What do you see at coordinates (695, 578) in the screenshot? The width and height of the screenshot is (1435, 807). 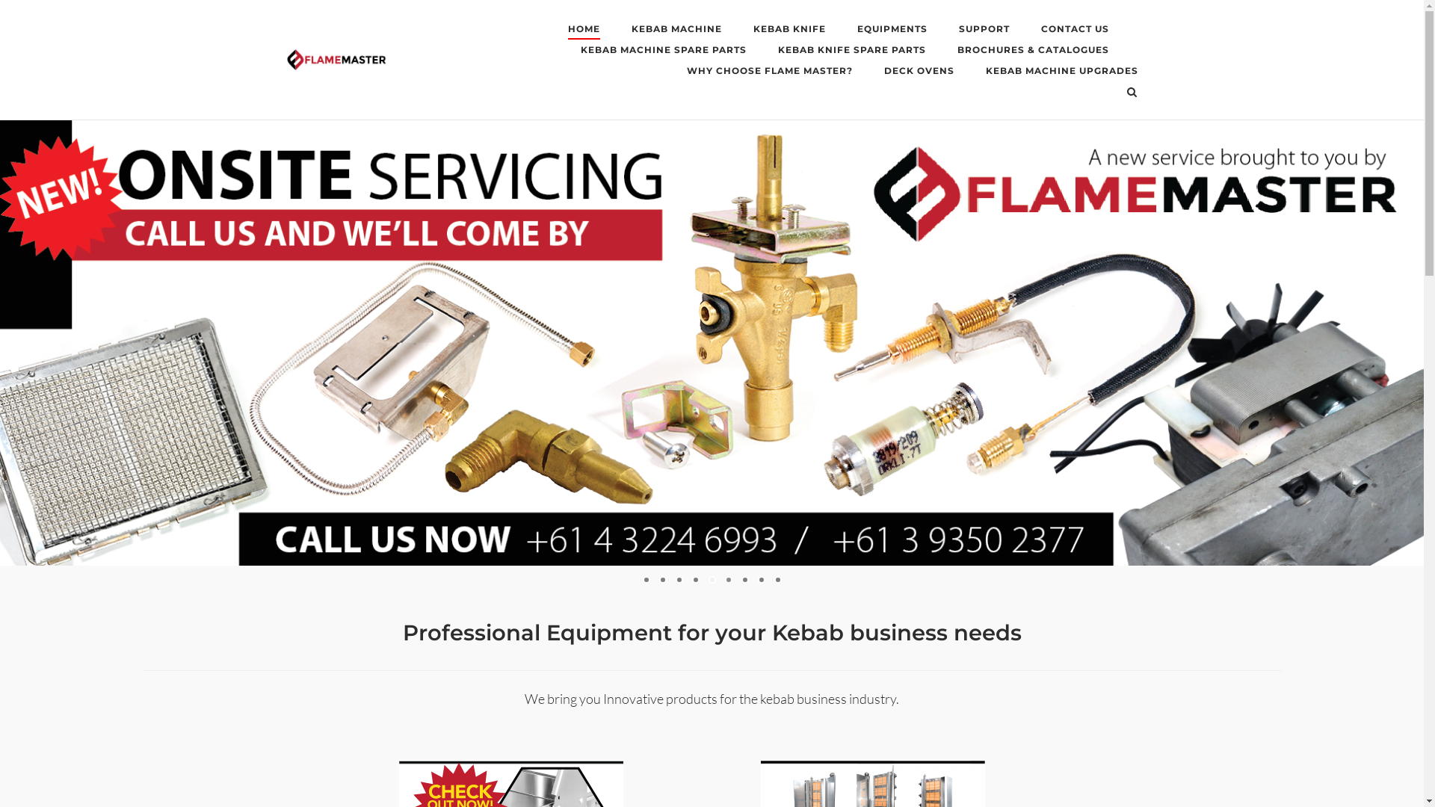 I see `'4'` at bounding box center [695, 578].